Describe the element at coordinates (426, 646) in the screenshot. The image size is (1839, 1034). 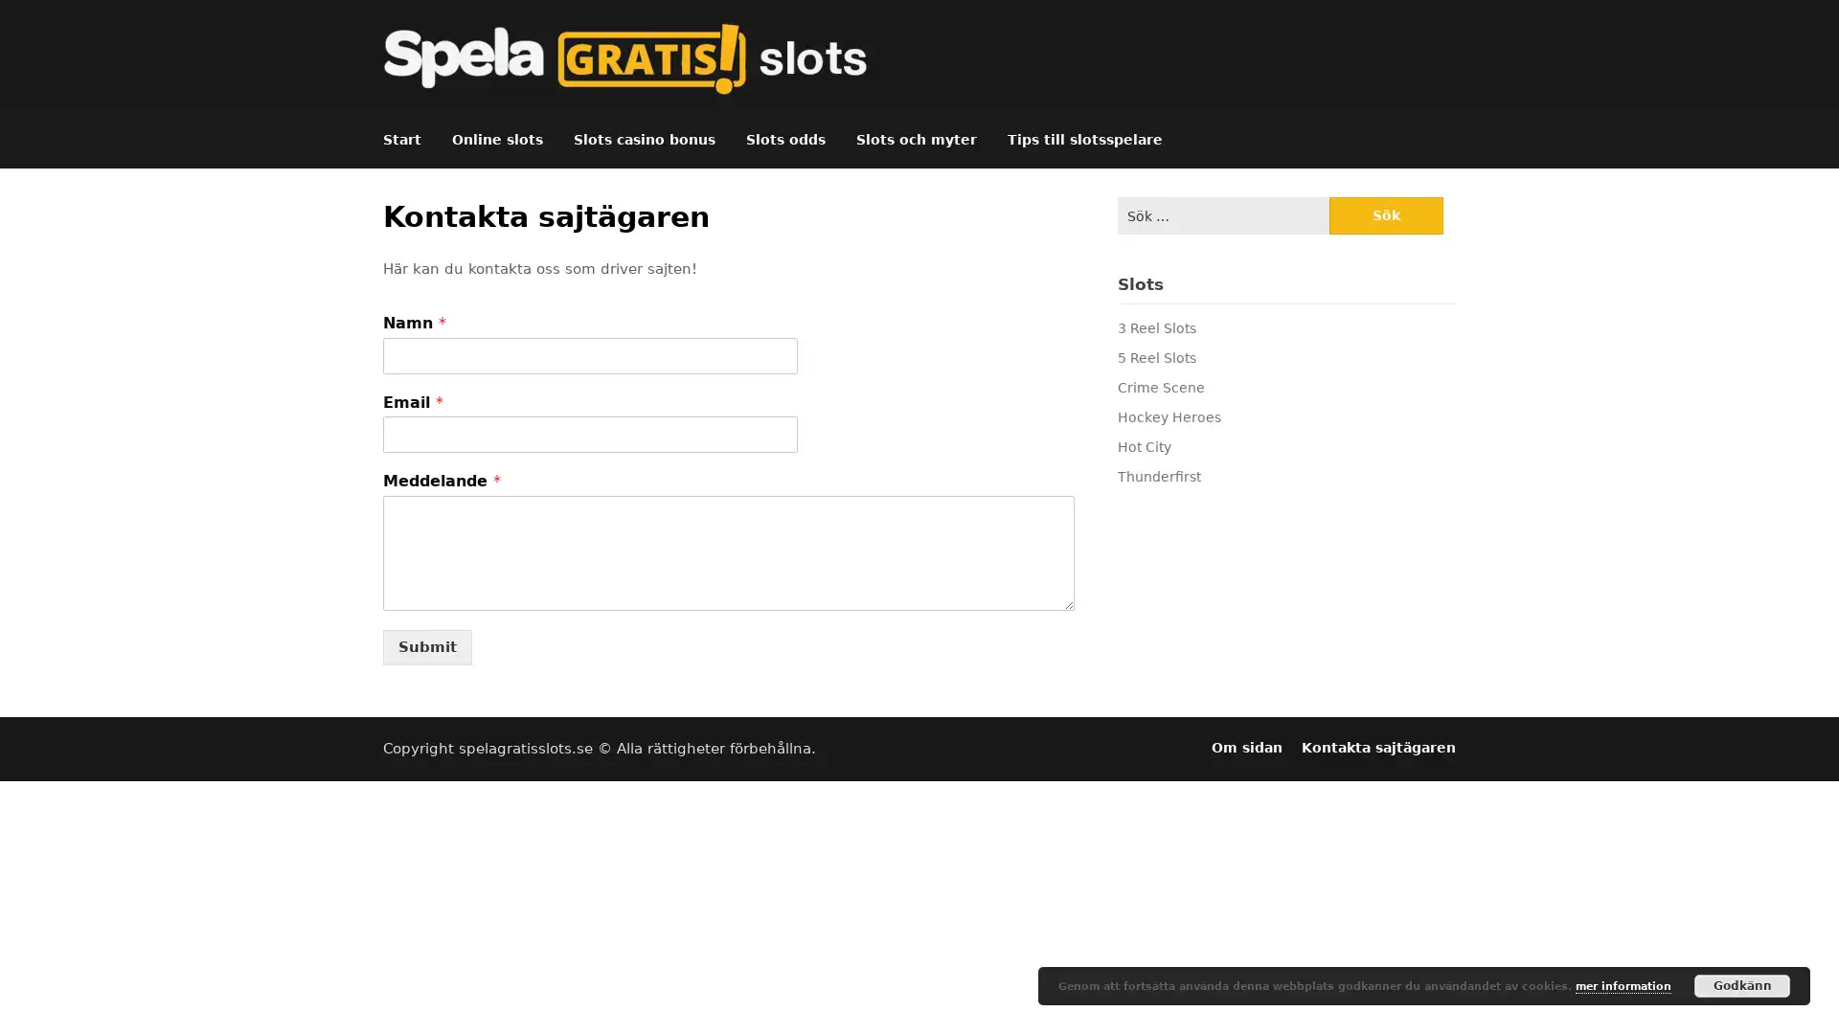
I see `Submit` at that location.